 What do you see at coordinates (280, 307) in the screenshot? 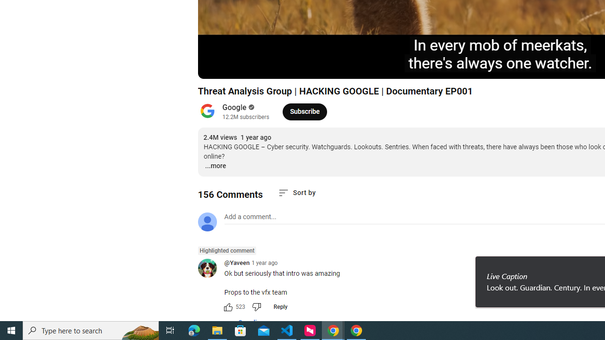
I see `'Reply'` at bounding box center [280, 307].